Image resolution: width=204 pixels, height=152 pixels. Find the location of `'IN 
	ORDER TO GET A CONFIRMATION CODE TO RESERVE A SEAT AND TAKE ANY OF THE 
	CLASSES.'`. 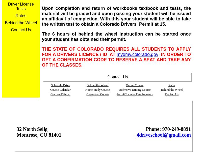

'IN 
	ORDER TO GET A CONFIRMATION CODE TO RESERVE A SEAT AND TAKE ANY OF THE 
	CLASSES.' is located at coordinates (116, 59).